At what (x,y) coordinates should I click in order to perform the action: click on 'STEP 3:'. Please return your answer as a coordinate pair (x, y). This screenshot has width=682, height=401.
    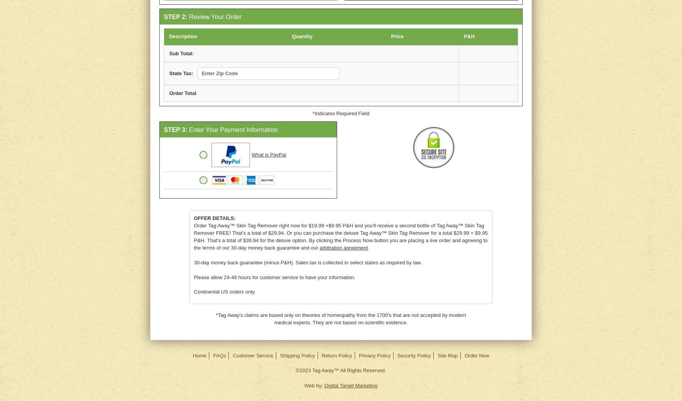
    Looking at the image, I should click on (163, 129).